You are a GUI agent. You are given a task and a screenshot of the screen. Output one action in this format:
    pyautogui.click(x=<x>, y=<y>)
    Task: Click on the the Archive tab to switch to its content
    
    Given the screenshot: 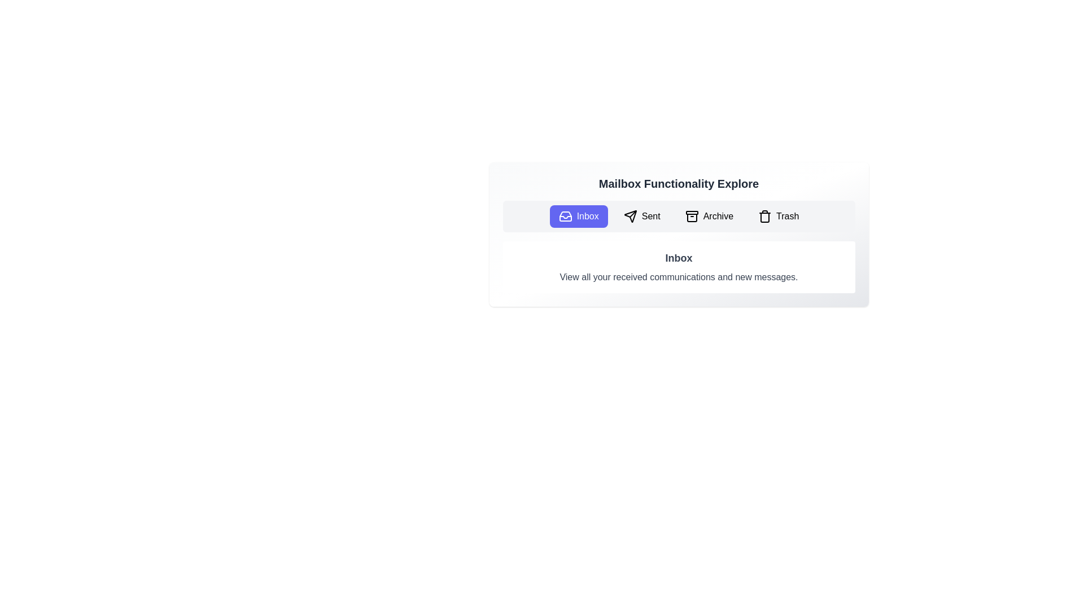 What is the action you would take?
    pyautogui.click(x=709, y=217)
    